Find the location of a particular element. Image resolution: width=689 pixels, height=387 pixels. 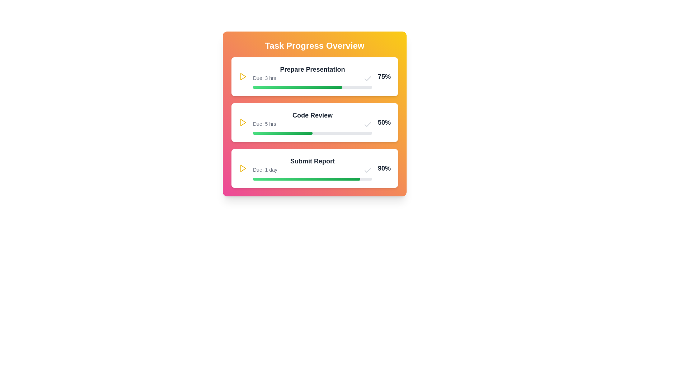

the checkmark icon with a gray color and rounded outline located in the 'Submit Report' section, positioned on the right side near the text displaying '90%' is located at coordinates (367, 170).